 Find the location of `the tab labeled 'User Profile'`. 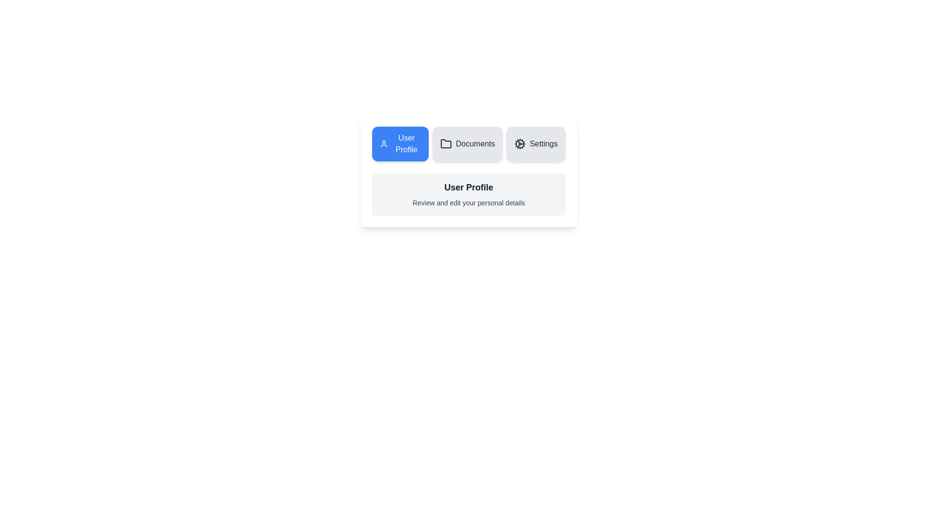

the tab labeled 'User Profile' is located at coordinates (400, 144).